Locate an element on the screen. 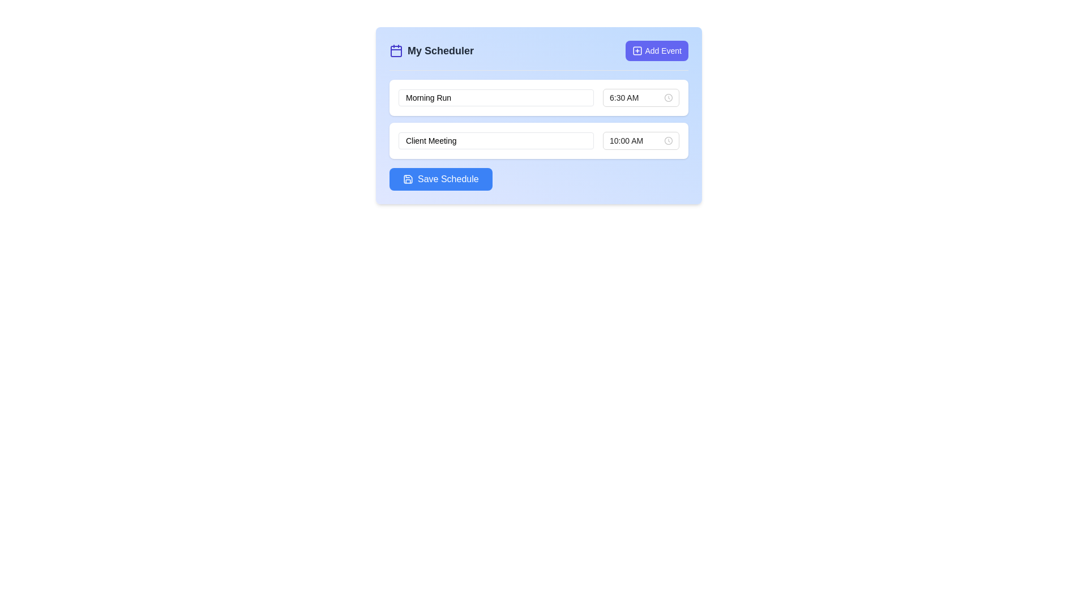 This screenshot has width=1087, height=611. the clock icon located to the right of the '6:30 AM' time input field for the event 'Morning Run' is located at coordinates (668, 97).